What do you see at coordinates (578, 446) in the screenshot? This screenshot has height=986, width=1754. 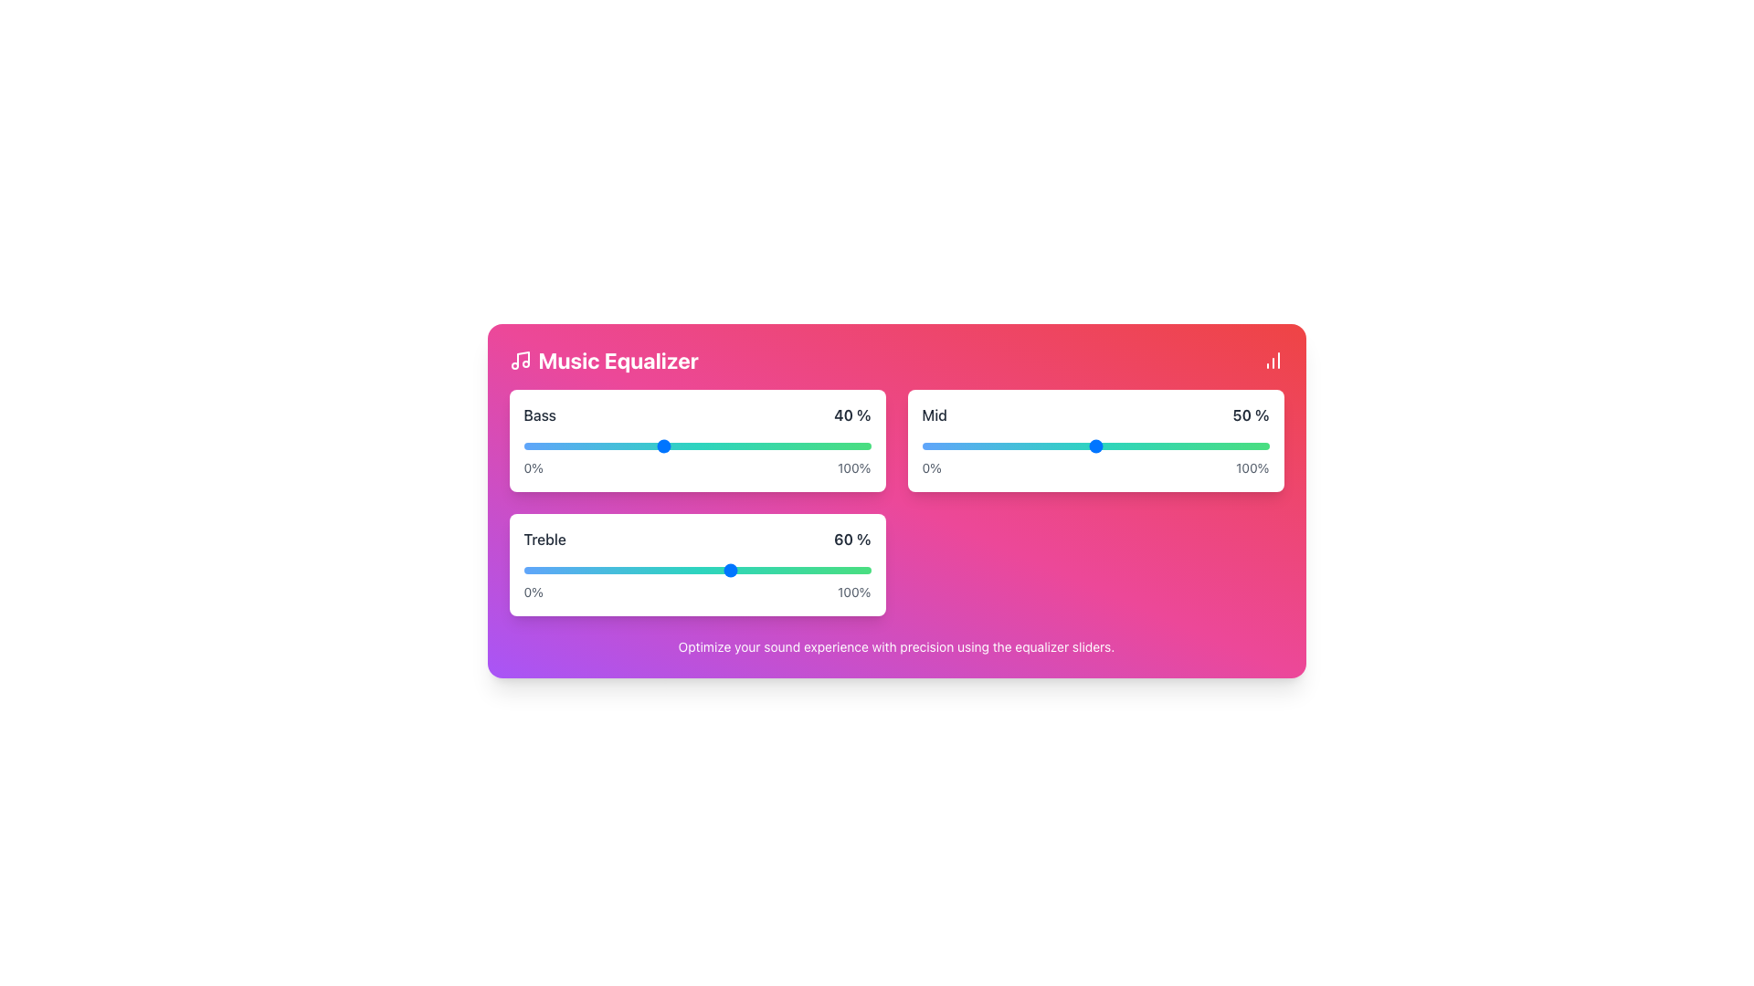 I see `the bass equalizer` at bounding box center [578, 446].